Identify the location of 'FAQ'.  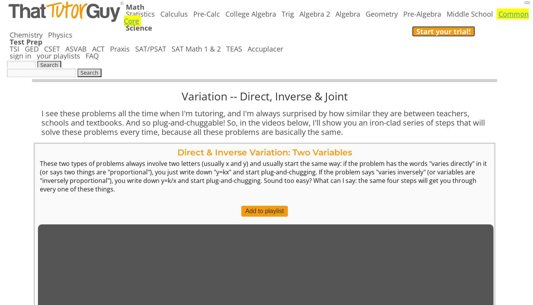
(85, 56).